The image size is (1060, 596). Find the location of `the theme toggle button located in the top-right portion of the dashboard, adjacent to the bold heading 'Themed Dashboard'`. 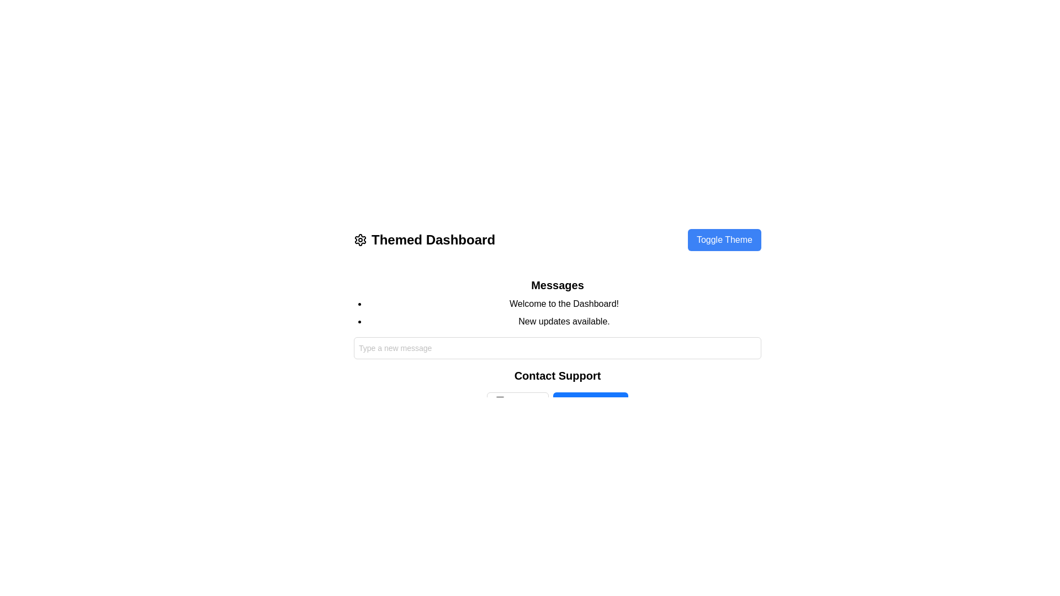

the theme toggle button located in the top-right portion of the dashboard, adjacent to the bold heading 'Themed Dashboard' is located at coordinates (724, 240).